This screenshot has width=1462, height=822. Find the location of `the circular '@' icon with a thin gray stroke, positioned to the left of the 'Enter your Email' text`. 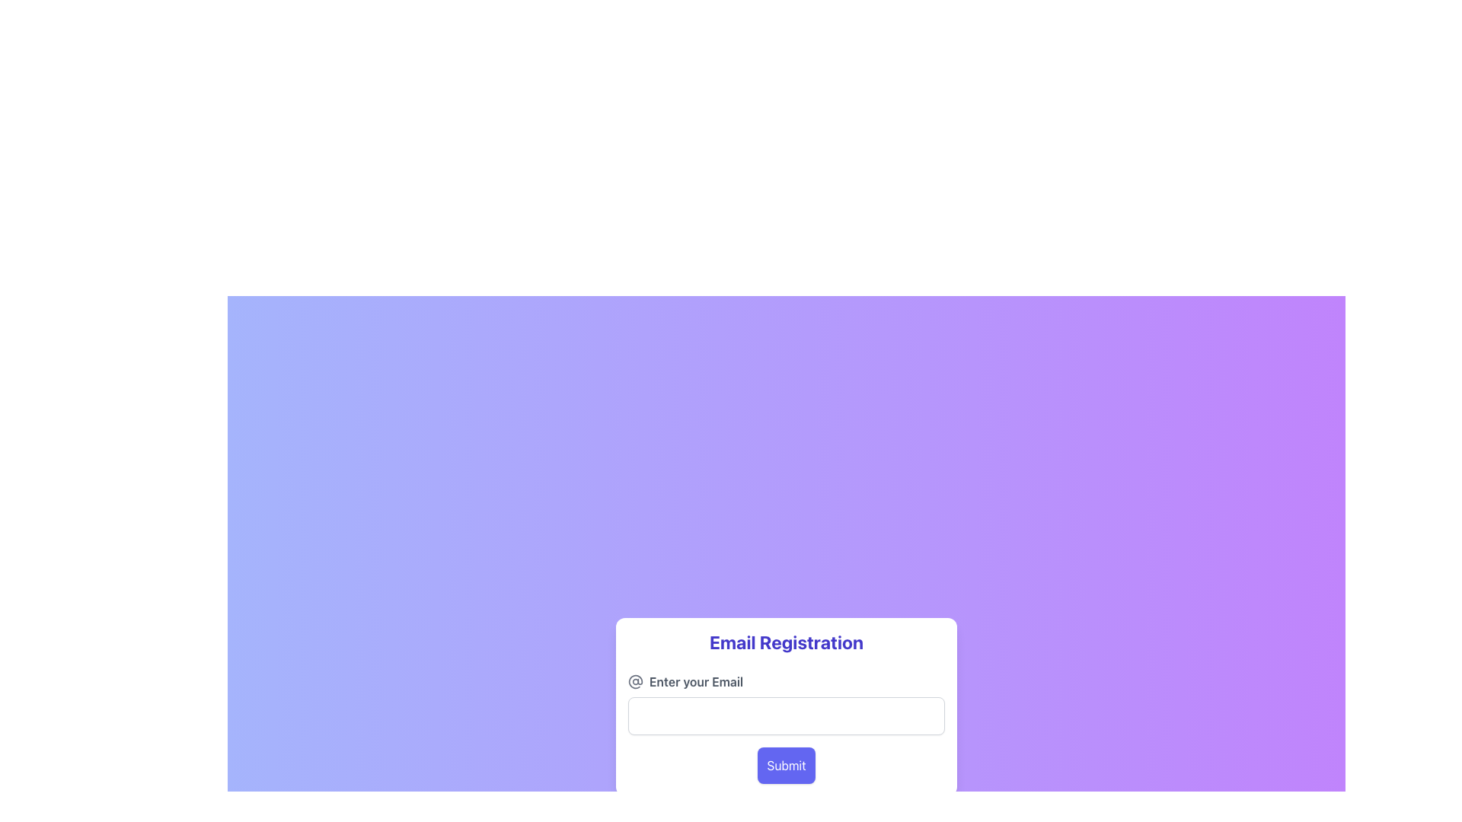

the circular '@' icon with a thin gray stroke, positioned to the left of the 'Enter your Email' text is located at coordinates (636, 680).